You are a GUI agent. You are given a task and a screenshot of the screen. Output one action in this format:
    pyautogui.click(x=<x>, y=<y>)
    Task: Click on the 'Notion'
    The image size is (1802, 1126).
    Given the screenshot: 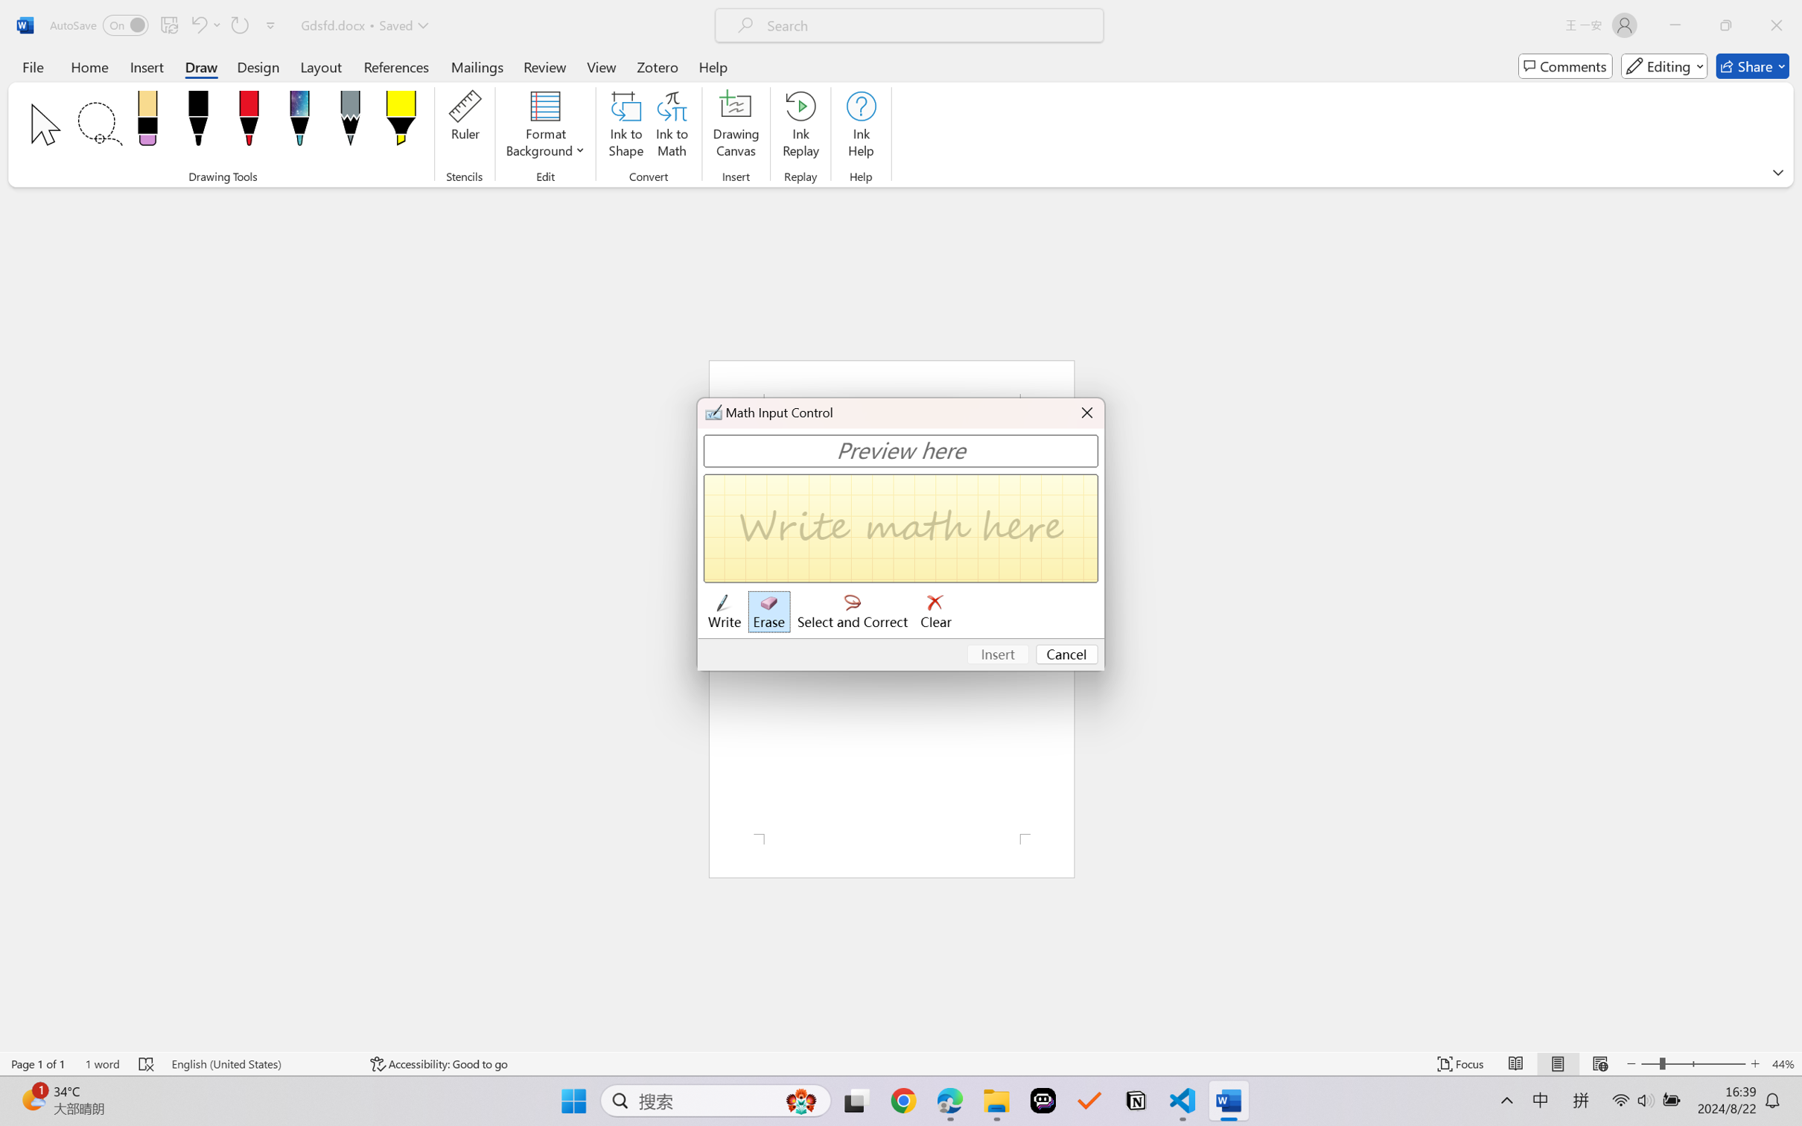 What is the action you would take?
    pyautogui.click(x=1136, y=1101)
    